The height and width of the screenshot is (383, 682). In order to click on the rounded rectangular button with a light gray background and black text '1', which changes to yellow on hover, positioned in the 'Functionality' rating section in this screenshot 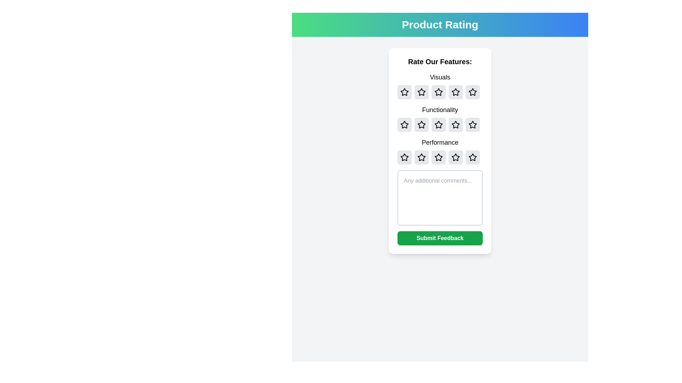, I will do `click(404, 124)`.